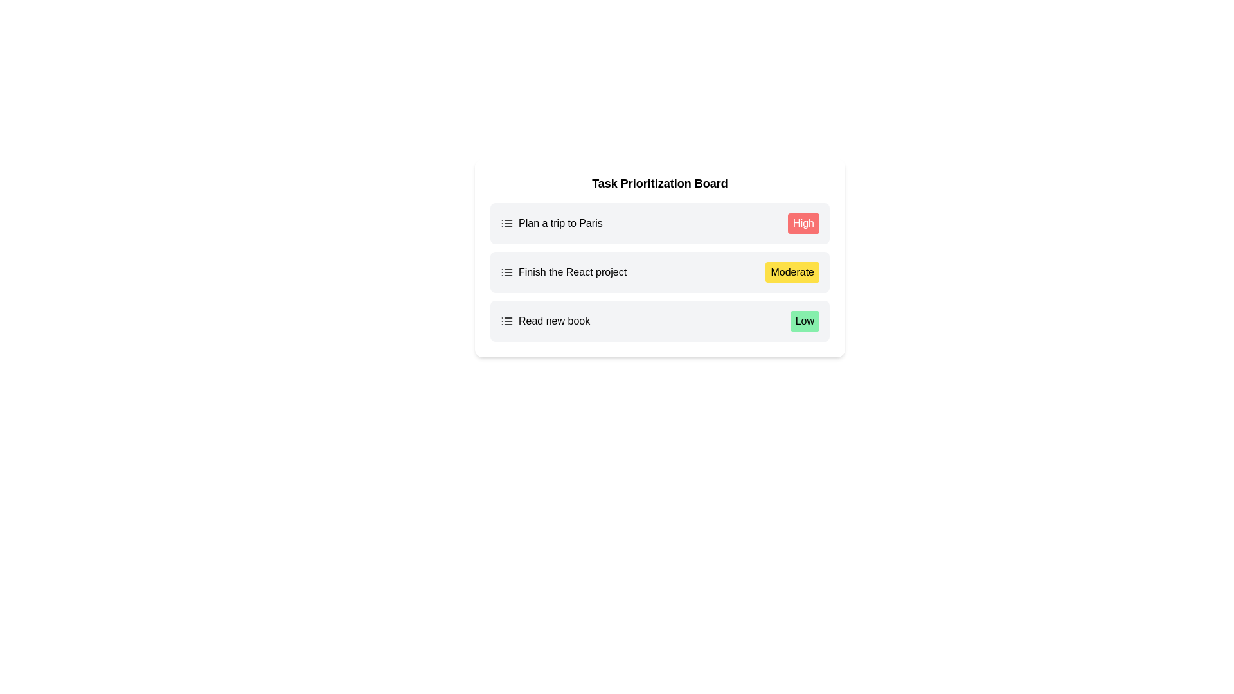  What do you see at coordinates (660, 222) in the screenshot?
I see `the first task list item labeled 'Plan a trip to Paris' in the Task Prioritization Board, which has a light gray background, rounded corners, and a red badge with 'High'` at bounding box center [660, 222].